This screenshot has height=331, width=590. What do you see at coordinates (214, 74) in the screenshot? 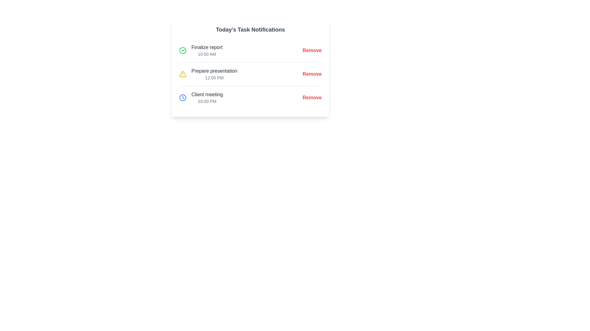
I see `the task label displaying 'Prepare presentation' with a timestamp '12:00 PM' located in the 'Today's Task Notifications' section, positioned between 'Finalize report' and 'Client meeting'` at bounding box center [214, 74].